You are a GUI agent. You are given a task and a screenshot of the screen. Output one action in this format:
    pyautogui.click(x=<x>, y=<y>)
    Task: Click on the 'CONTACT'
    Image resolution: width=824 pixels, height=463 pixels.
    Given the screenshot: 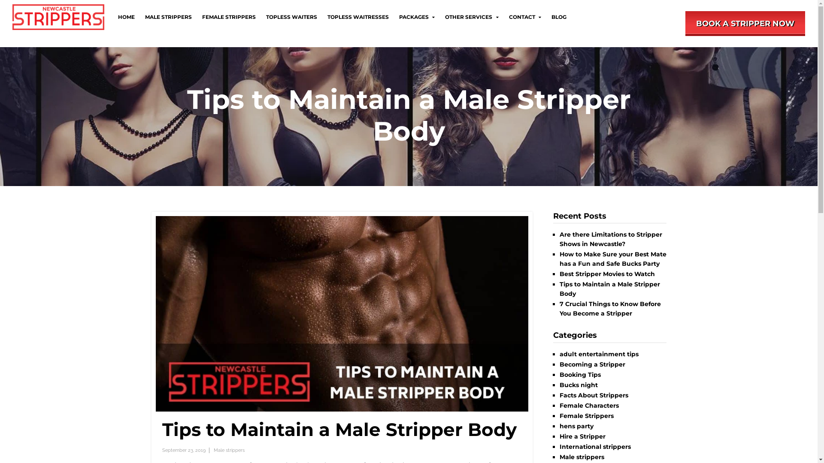 What is the action you would take?
    pyautogui.click(x=524, y=17)
    